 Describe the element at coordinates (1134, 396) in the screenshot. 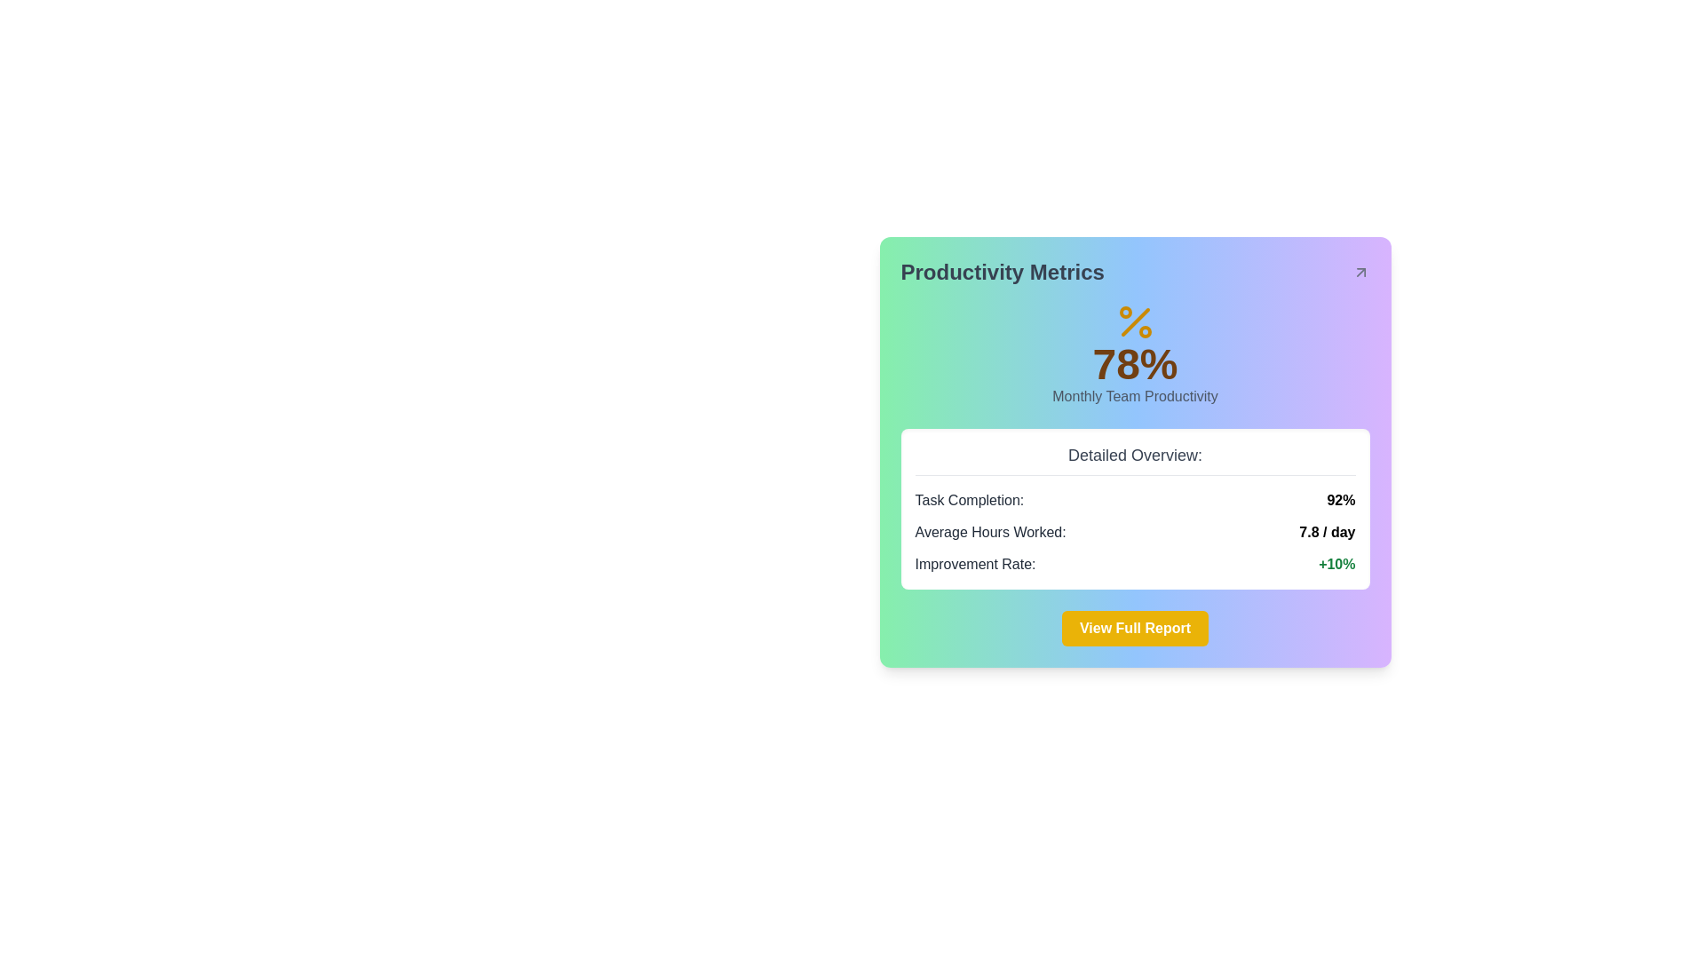

I see `the text label that is positioned directly below the percentage '78%' in the interface` at that location.